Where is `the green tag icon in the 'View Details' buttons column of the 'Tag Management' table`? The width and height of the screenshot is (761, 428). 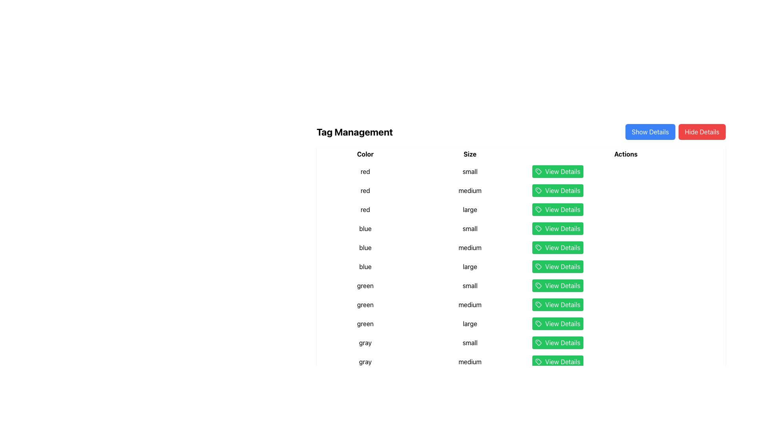 the green tag icon in the 'View Details' buttons column of the 'Tag Management' table is located at coordinates (539, 286).